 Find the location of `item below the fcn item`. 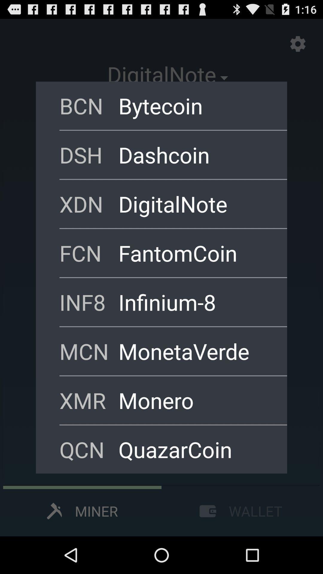

item below the fcn item is located at coordinates (195, 302).